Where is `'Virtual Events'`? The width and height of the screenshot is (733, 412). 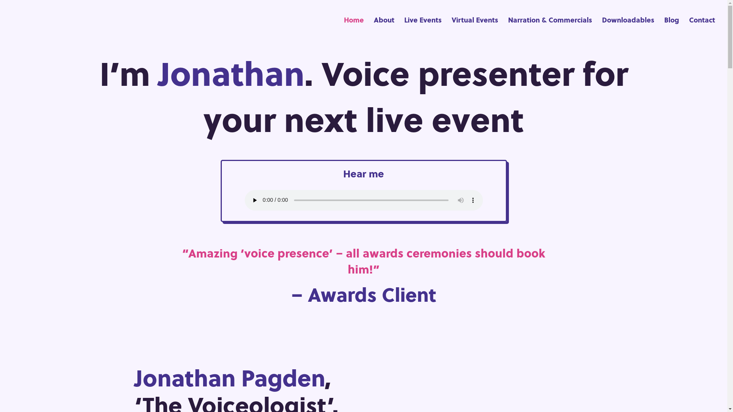
'Virtual Events' is located at coordinates (451, 28).